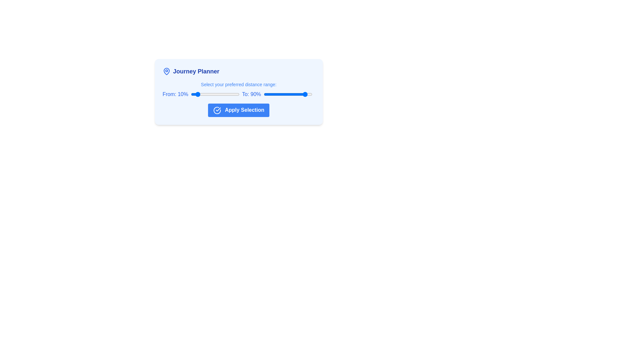 The width and height of the screenshot is (630, 354). I want to click on the track of the range slider labeled 'From: 10% To: 90%' to move the thumb, which is currently set at 10%, so click(215, 94).